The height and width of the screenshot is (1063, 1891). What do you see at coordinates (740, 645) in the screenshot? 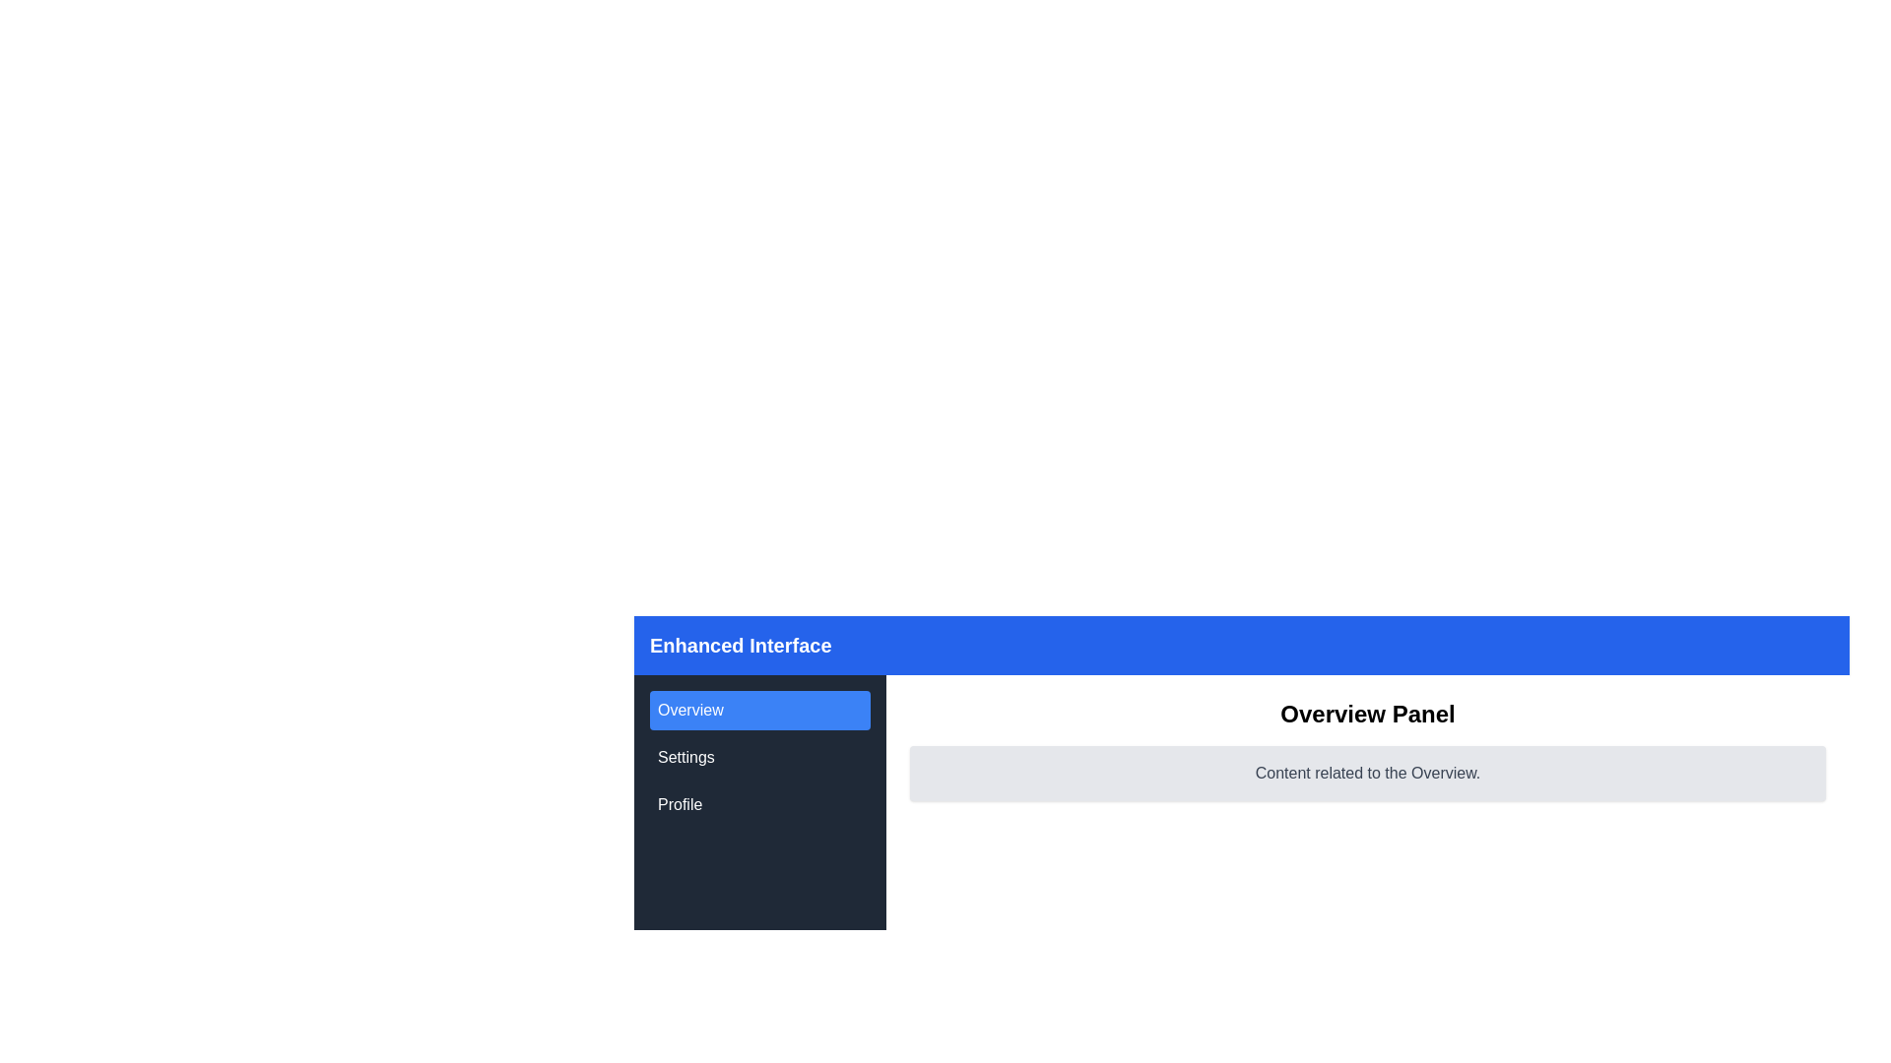
I see `the bold text element reading 'Enhanced Interface' that appears white on a blue background at the top left corner of the header strip` at bounding box center [740, 645].